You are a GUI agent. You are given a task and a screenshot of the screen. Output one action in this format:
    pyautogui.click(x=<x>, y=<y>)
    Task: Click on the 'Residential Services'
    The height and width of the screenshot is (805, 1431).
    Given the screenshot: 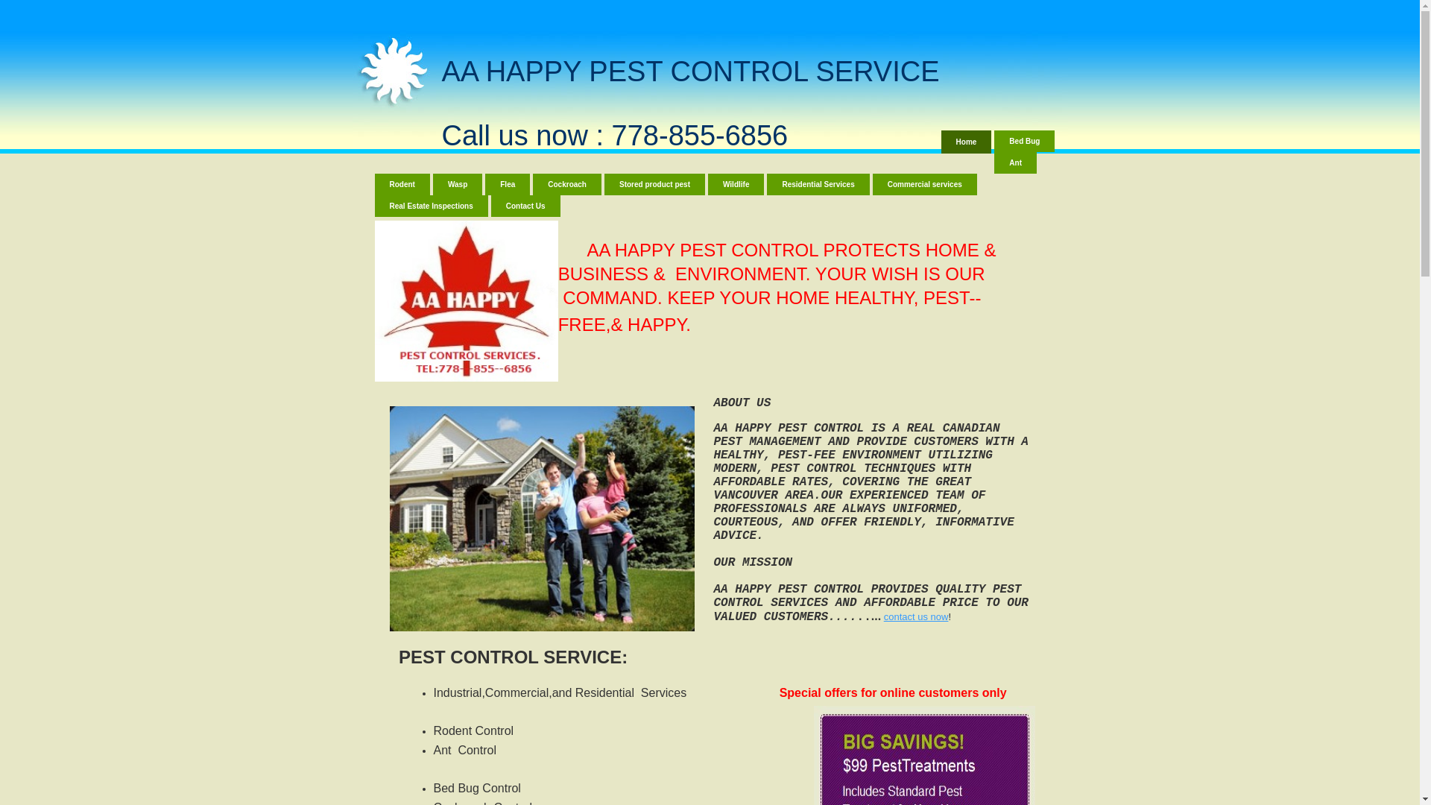 What is the action you would take?
    pyautogui.click(x=817, y=183)
    